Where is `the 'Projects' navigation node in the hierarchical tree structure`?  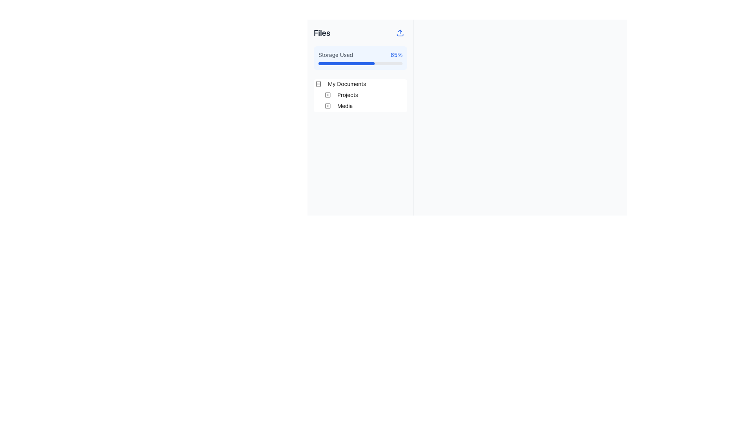 the 'Projects' navigation node in the hierarchical tree structure is located at coordinates (347, 94).